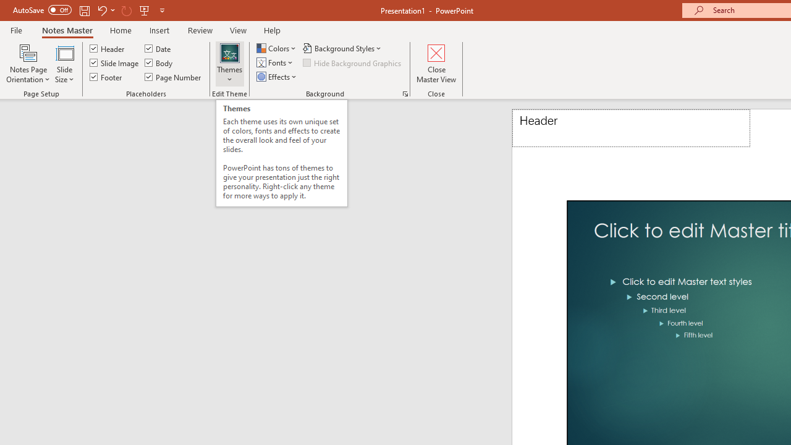 Image resolution: width=791 pixels, height=445 pixels. I want to click on 'Background Styles', so click(343, 48).